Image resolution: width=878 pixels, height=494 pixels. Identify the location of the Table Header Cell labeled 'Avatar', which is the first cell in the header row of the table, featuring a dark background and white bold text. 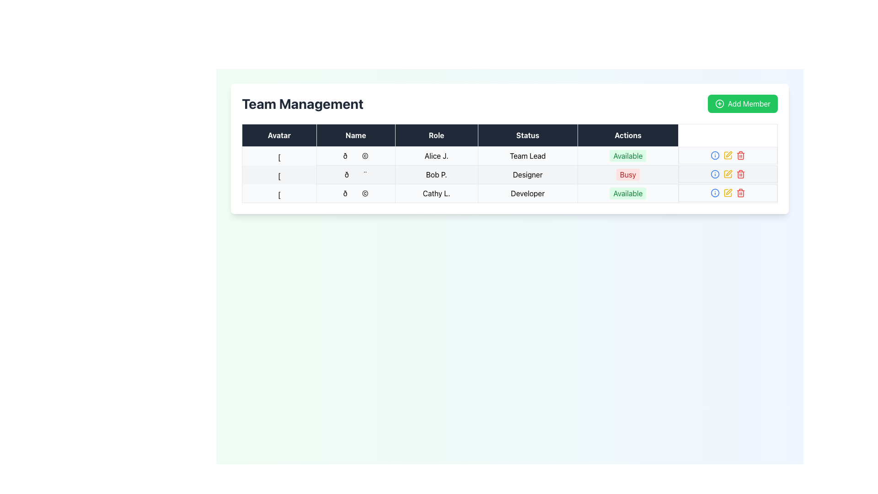
(278, 135).